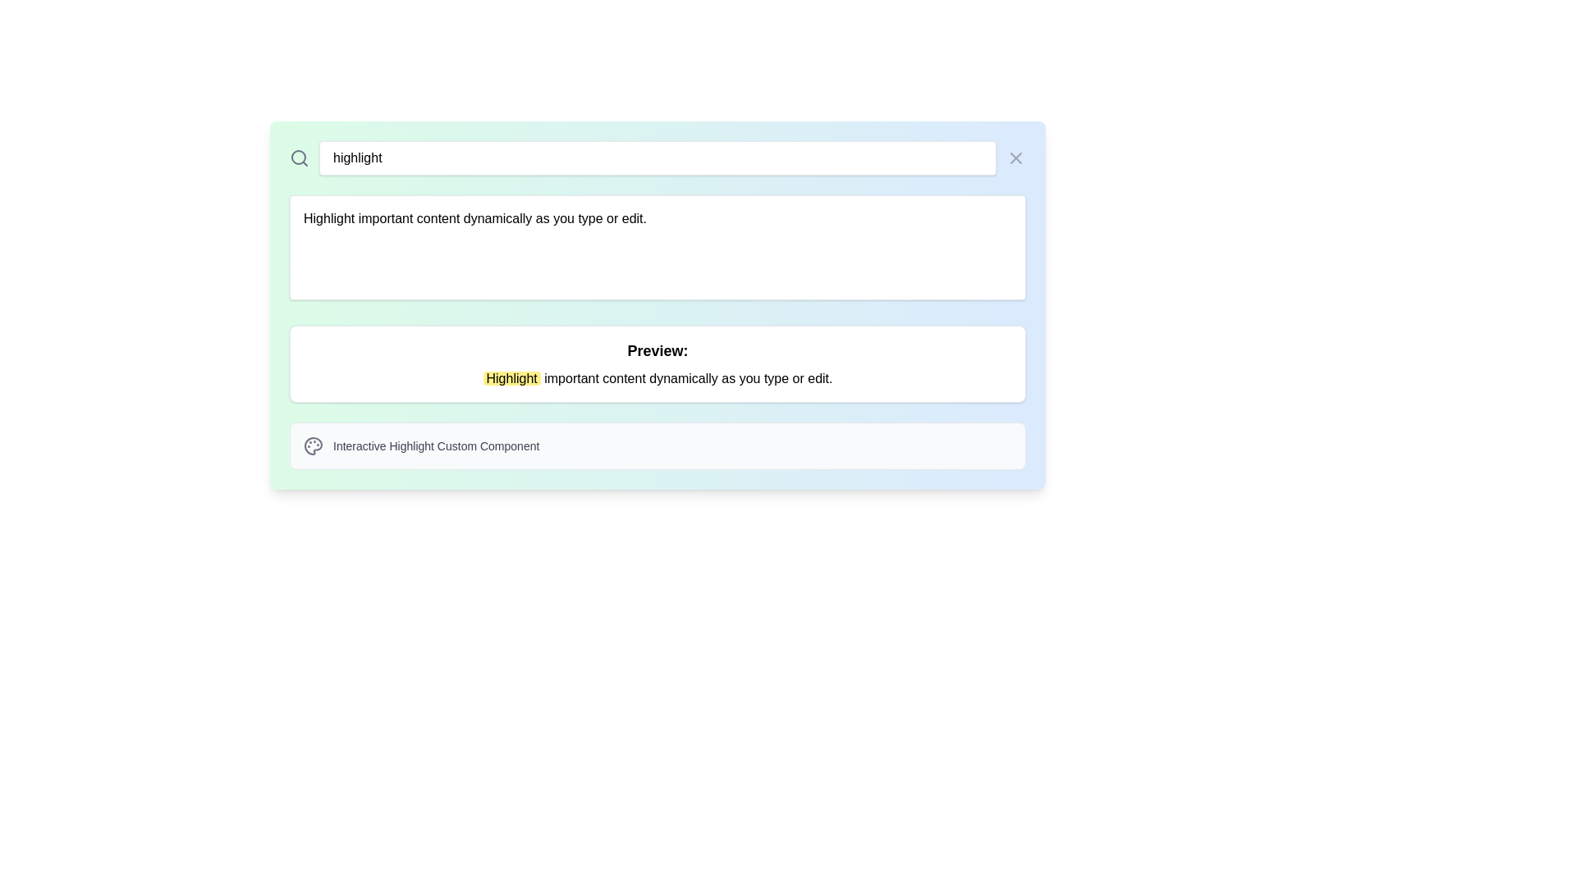  What do you see at coordinates (314, 445) in the screenshot?
I see `the main body of the palette icon, which is the largest circular shape in the decorative icon located at the lower-right of the view` at bounding box center [314, 445].